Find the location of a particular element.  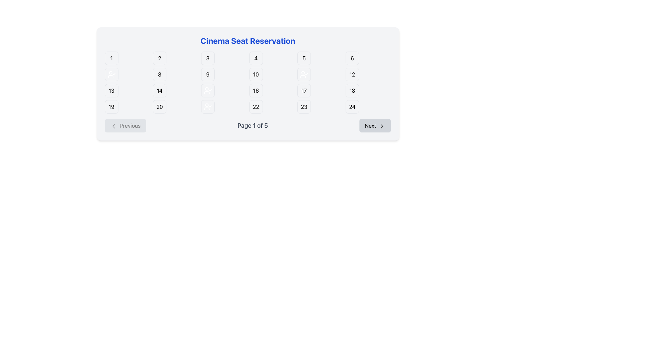

the navigation icon located to the right of the 'Next' button, which serves as an indicator for forward steps is located at coordinates (382, 126).